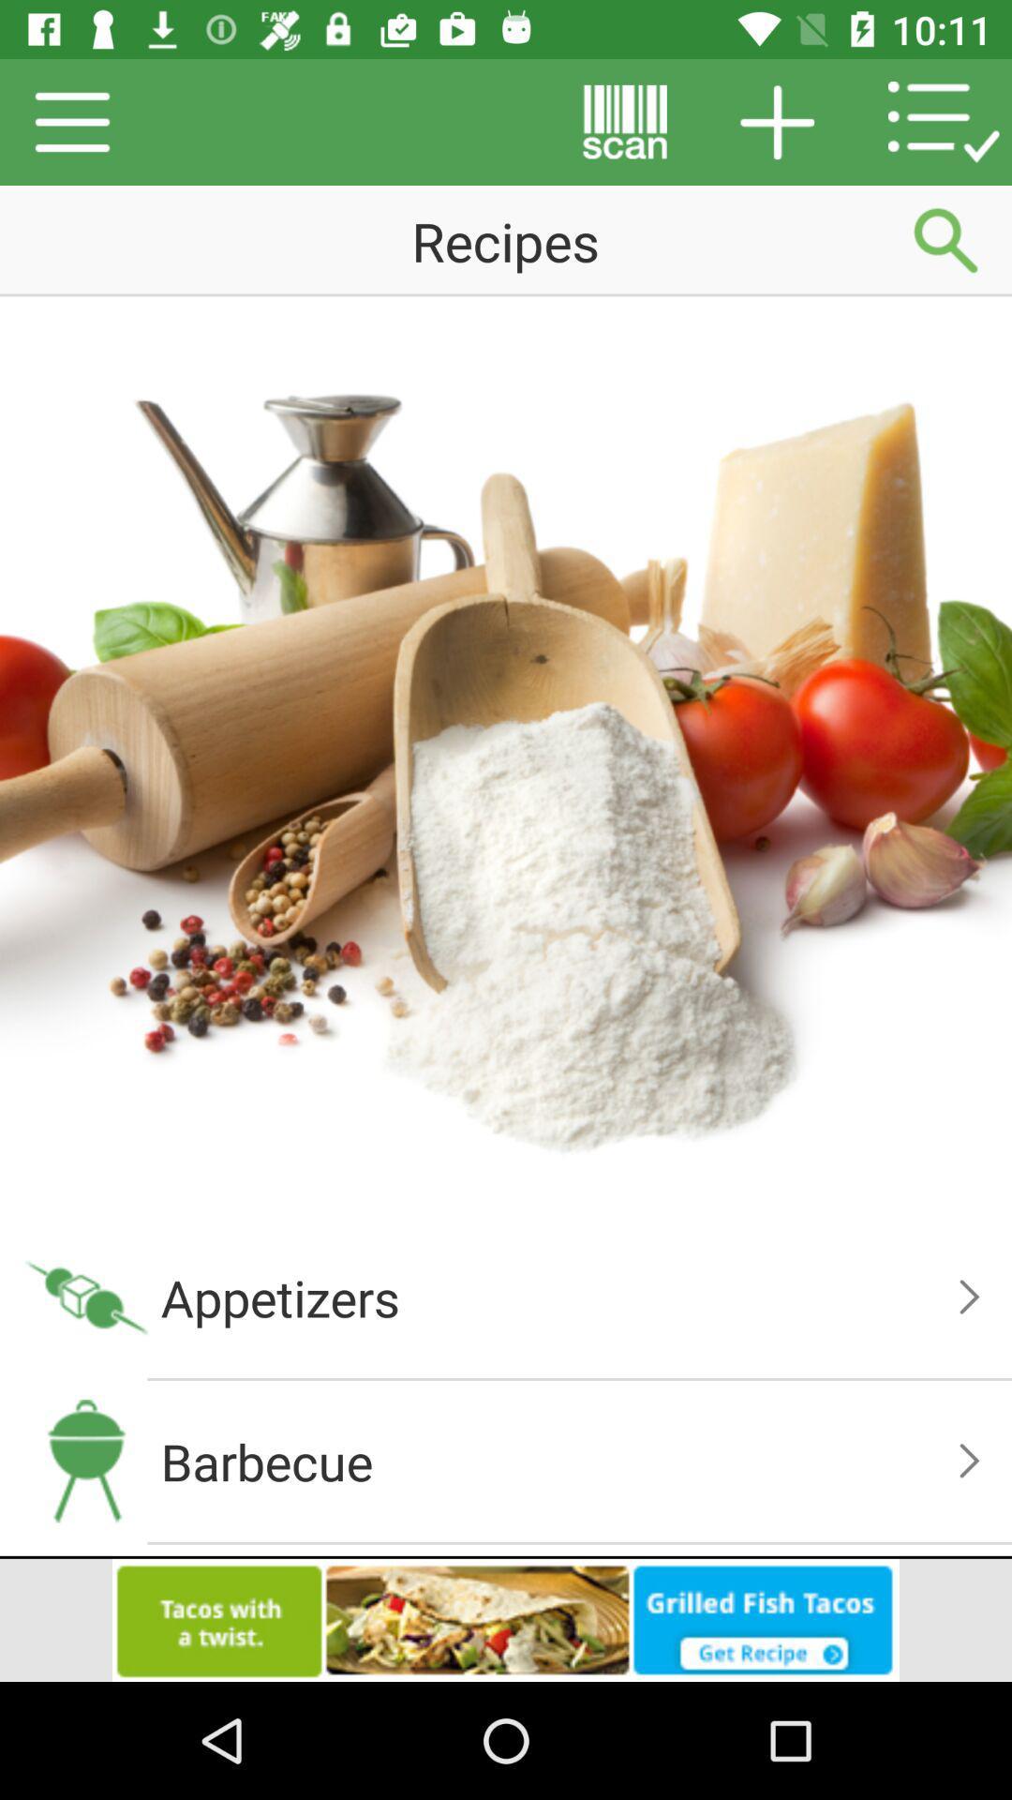 The height and width of the screenshot is (1800, 1012). What do you see at coordinates (946, 240) in the screenshot?
I see `the search icon` at bounding box center [946, 240].